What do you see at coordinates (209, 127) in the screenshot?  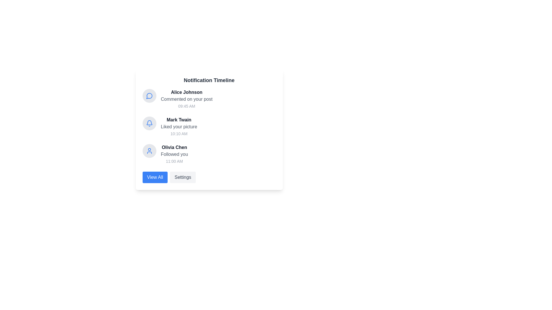 I see `the second notification item in the Notification Timeline panel that displays the message 'Mark Twain Liked your picture 10:10 AM'` at bounding box center [209, 127].